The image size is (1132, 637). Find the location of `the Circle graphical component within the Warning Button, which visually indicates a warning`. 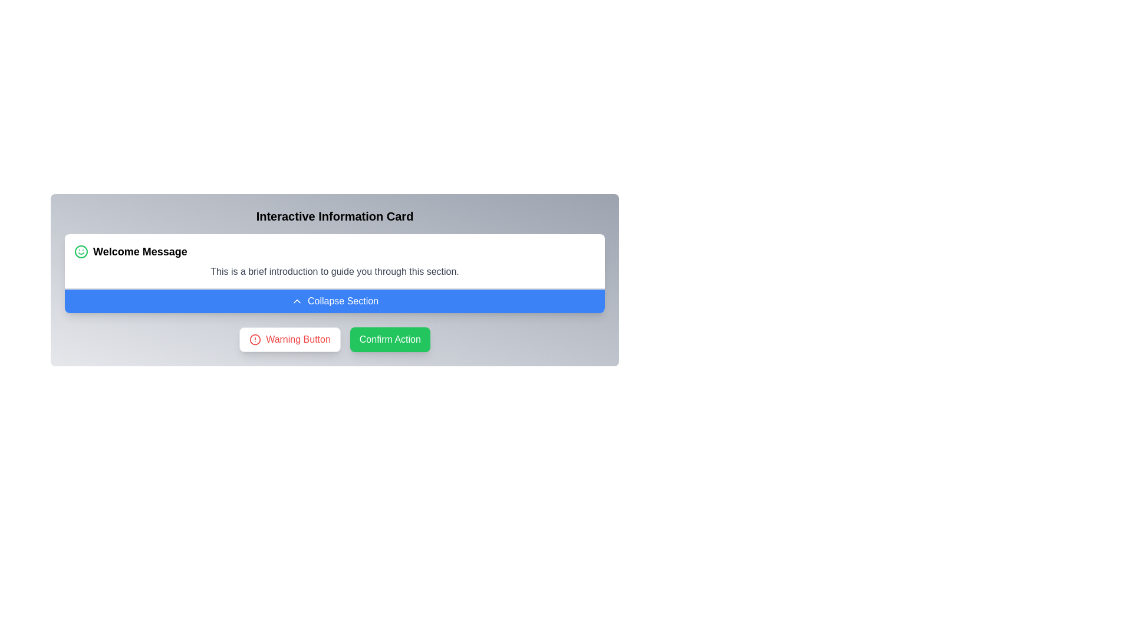

the Circle graphical component within the Warning Button, which visually indicates a warning is located at coordinates (255, 339).